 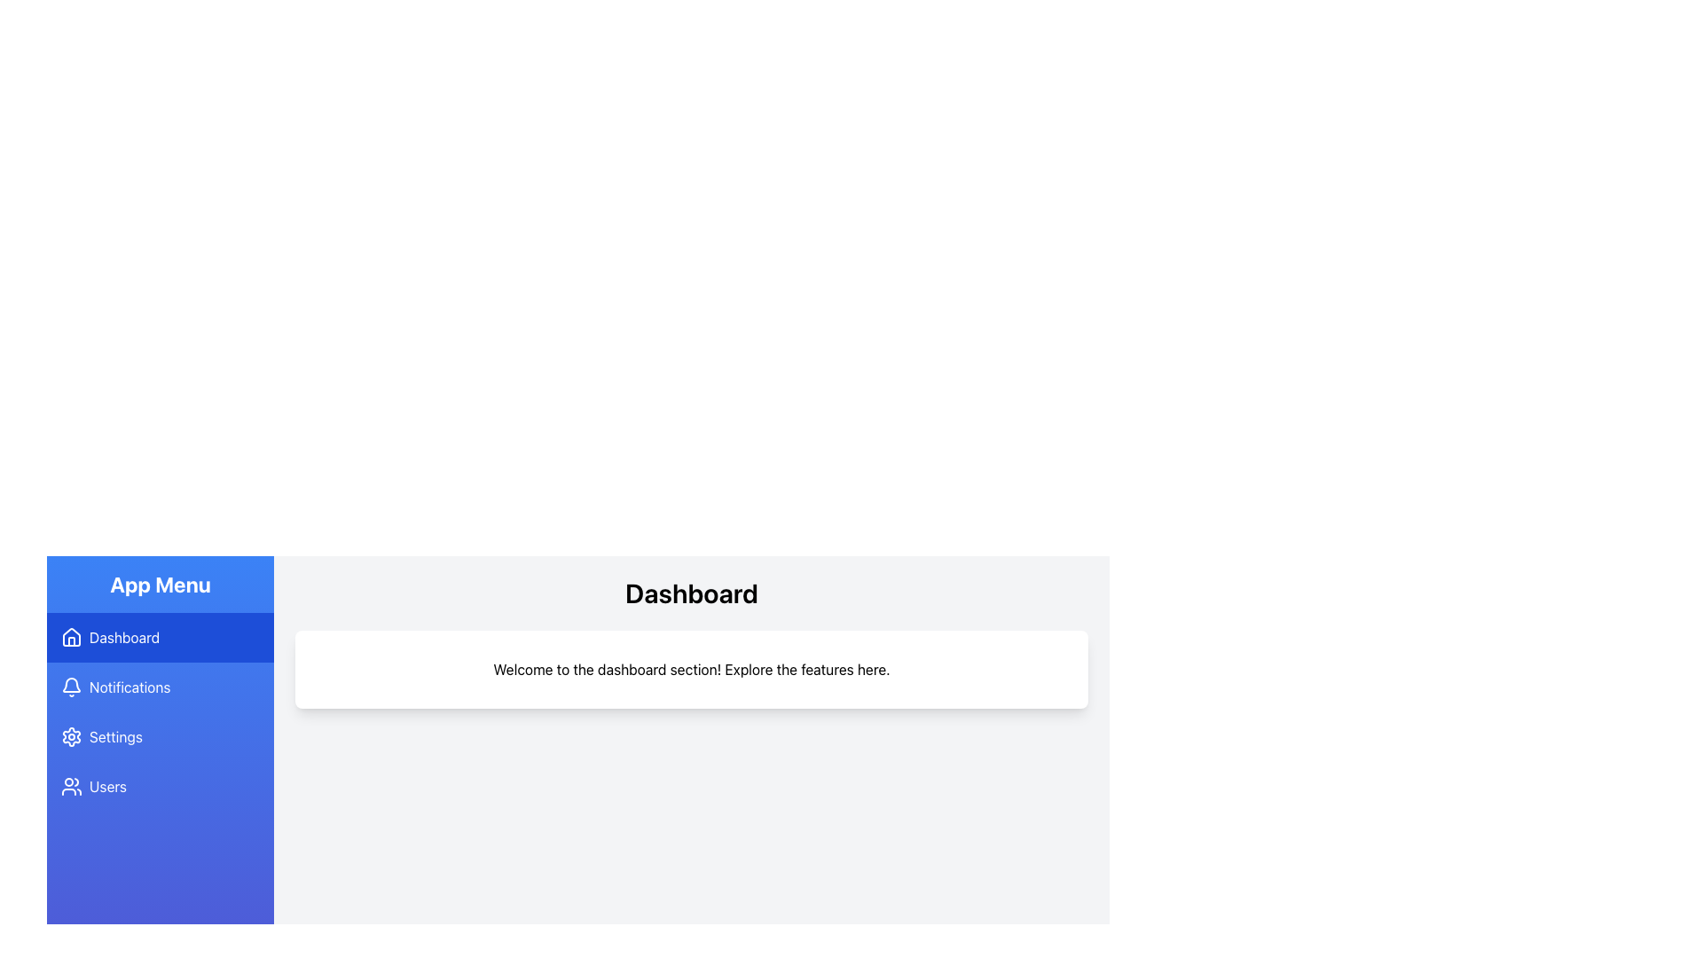 I want to click on the 'Notifications' button, which is a horizontal menu item with a bell icon on a blue background, located in the left sidebar directly below 'Dashboard', so click(x=161, y=687).